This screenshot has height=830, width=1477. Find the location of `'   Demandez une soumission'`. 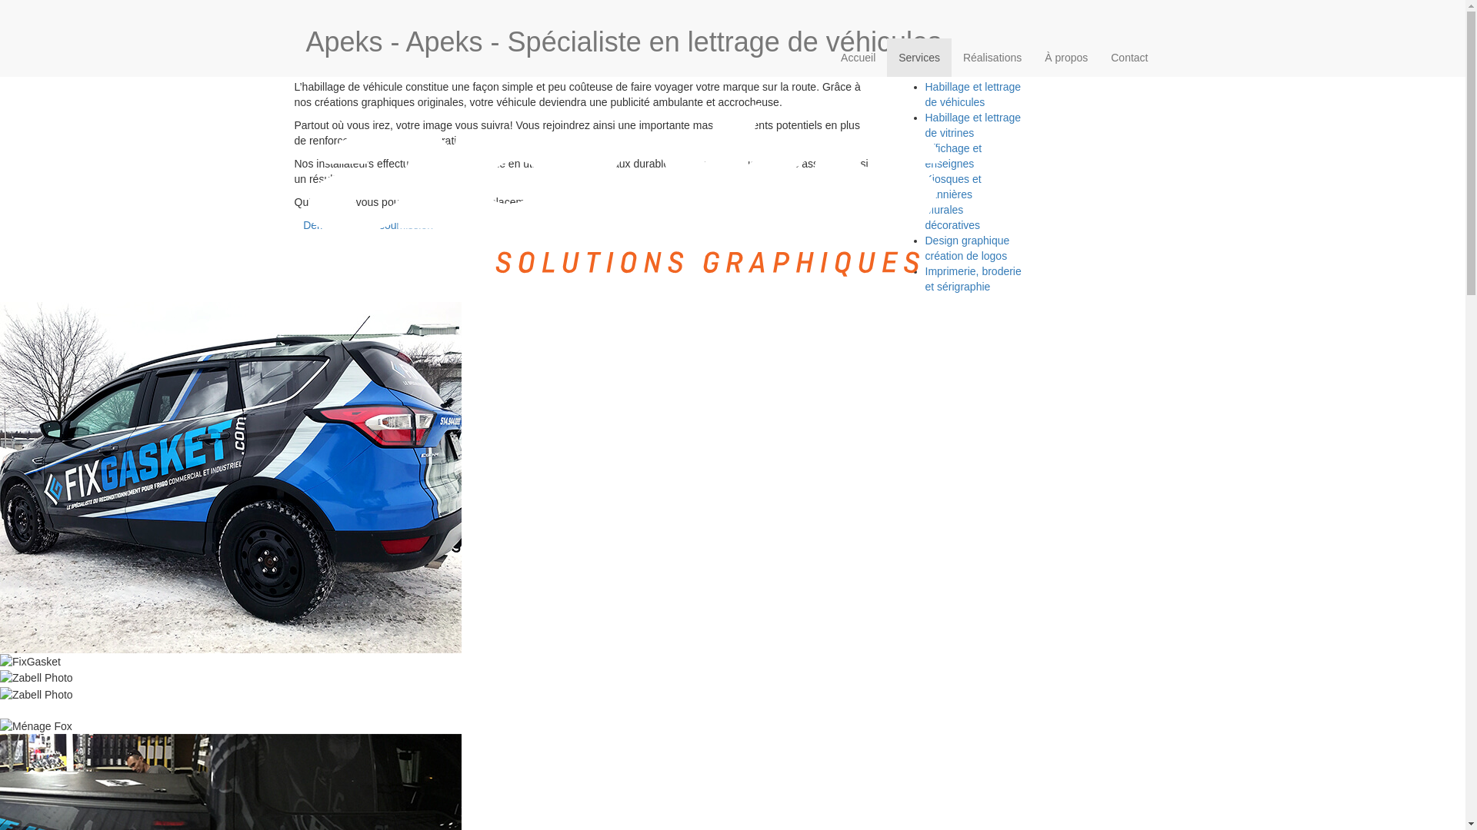

'   Demandez une soumission' is located at coordinates (362, 225).